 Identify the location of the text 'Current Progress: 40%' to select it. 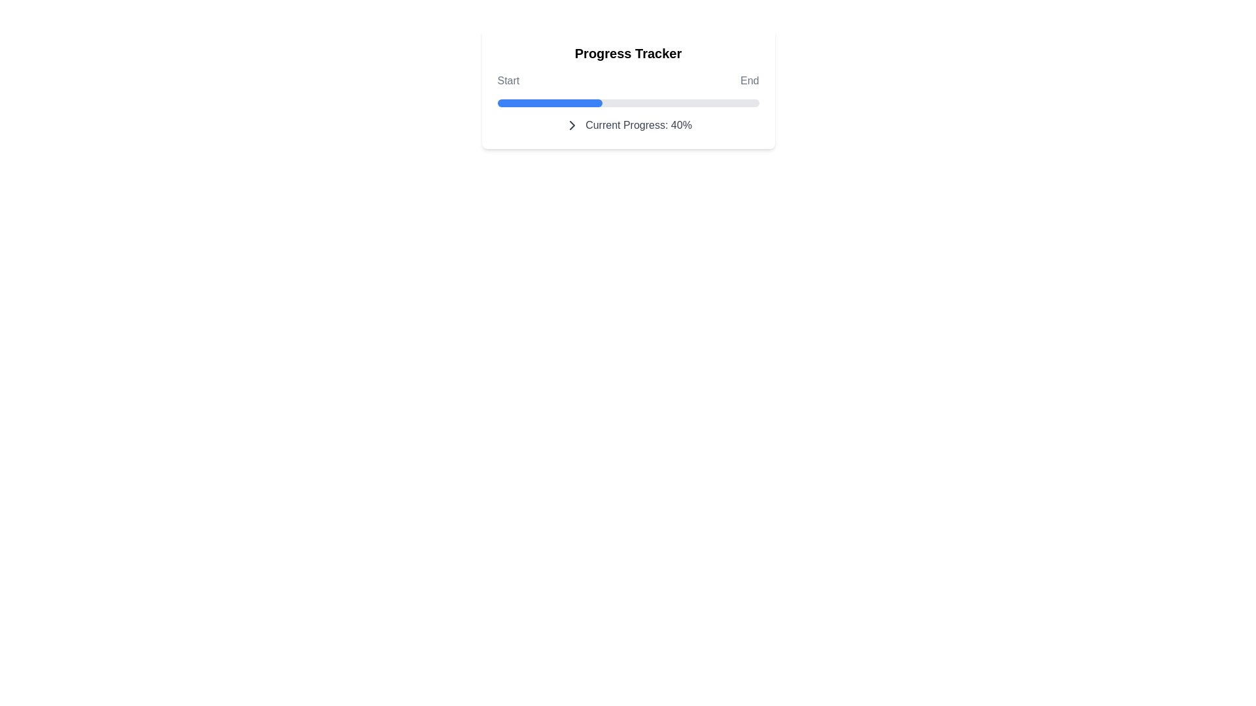
(628, 126).